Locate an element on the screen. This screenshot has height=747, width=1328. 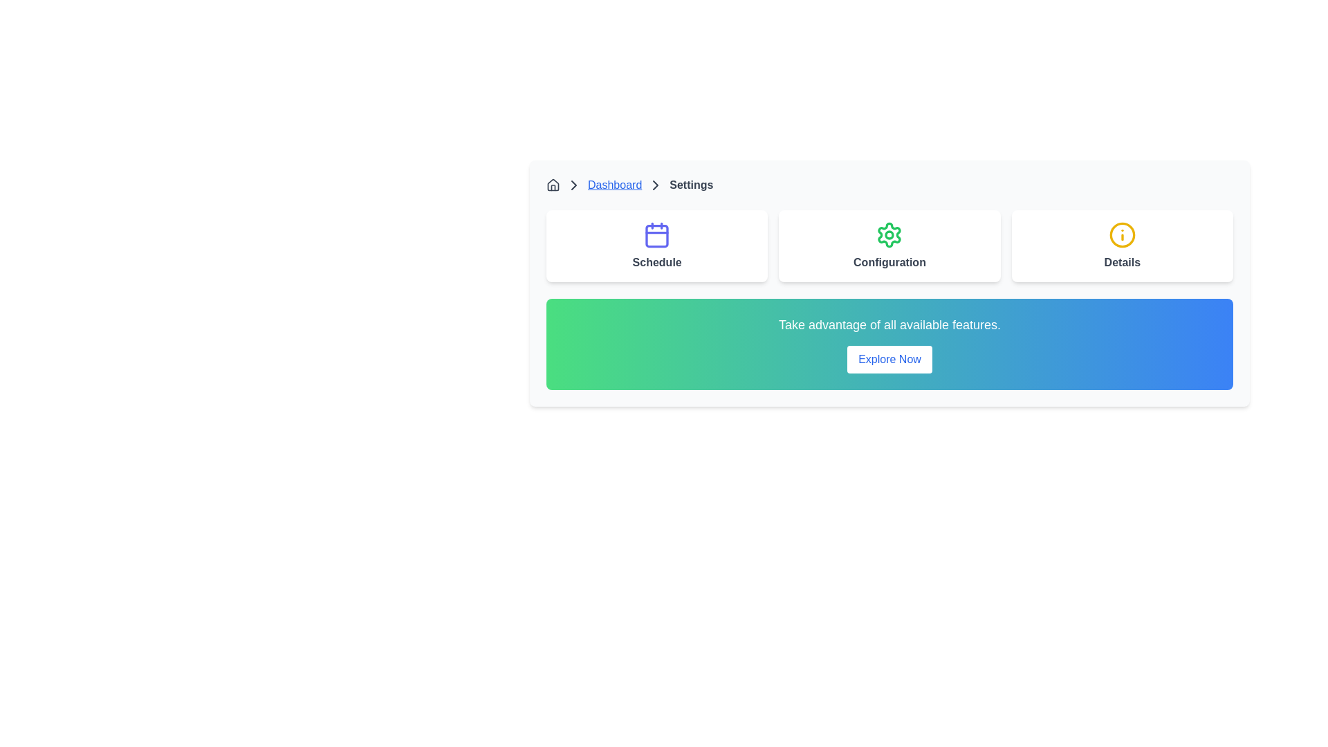
the 'Dashboard' hyperlink is located at coordinates (614, 184).